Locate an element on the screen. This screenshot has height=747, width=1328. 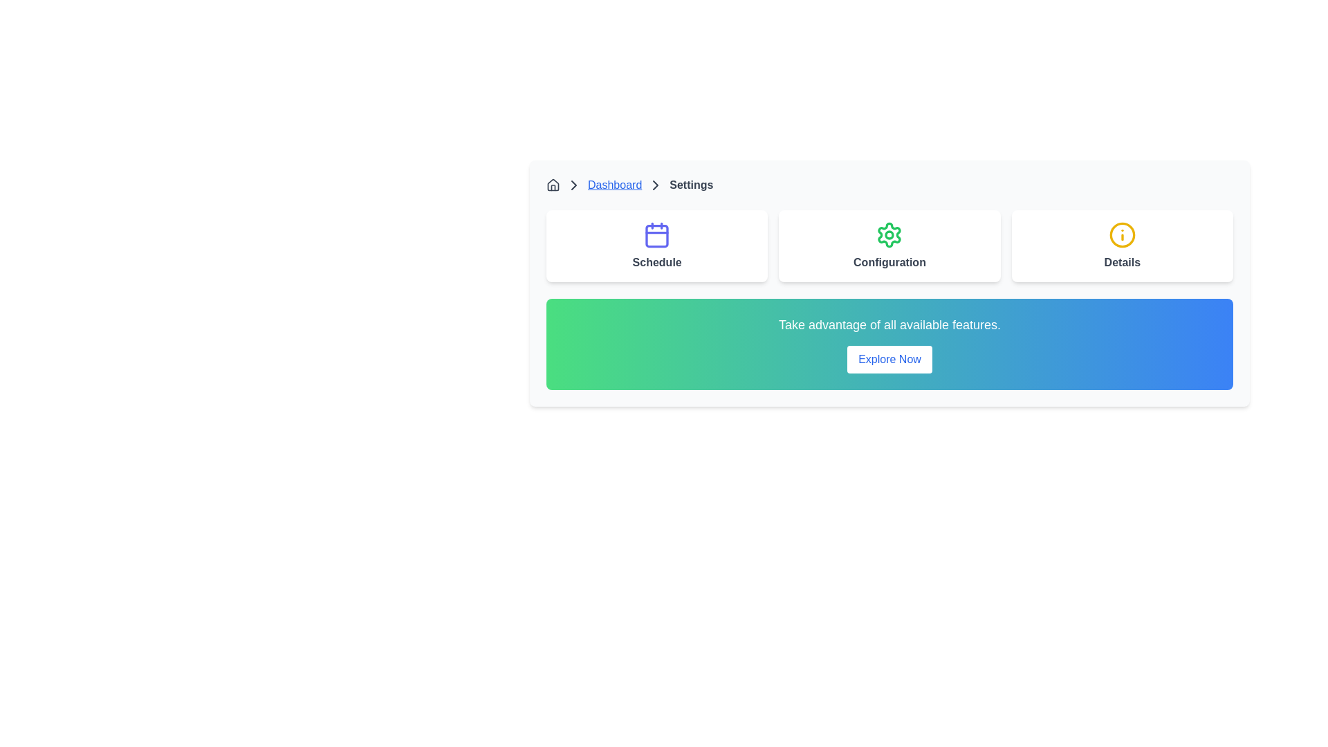
the 'Dashboard' hyperlink is located at coordinates (614, 184).